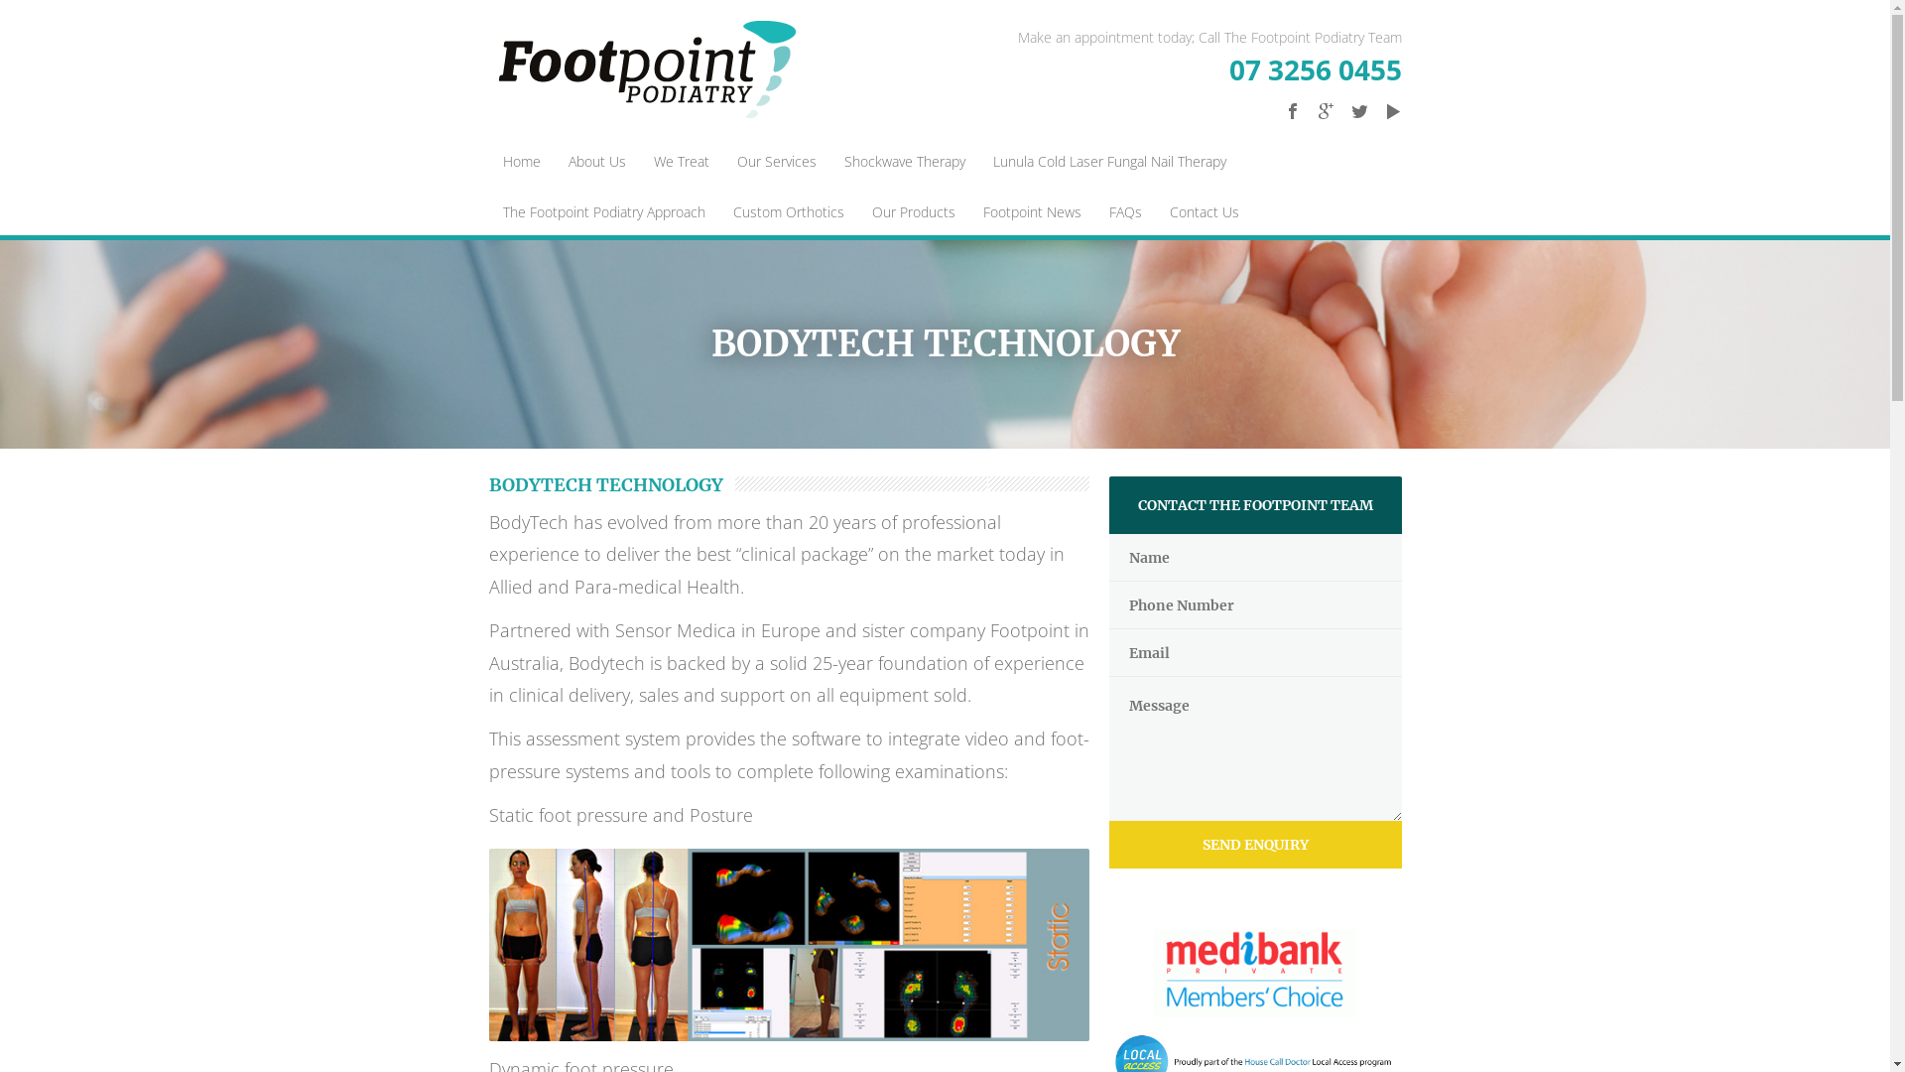 The width and height of the screenshot is (1905, 1072). What do you see at coordinates (977, 163) in the screenshot?
I see `'Lunula Cold Laser Fungal Nail Therapy'` at bounding box center [977, 163].